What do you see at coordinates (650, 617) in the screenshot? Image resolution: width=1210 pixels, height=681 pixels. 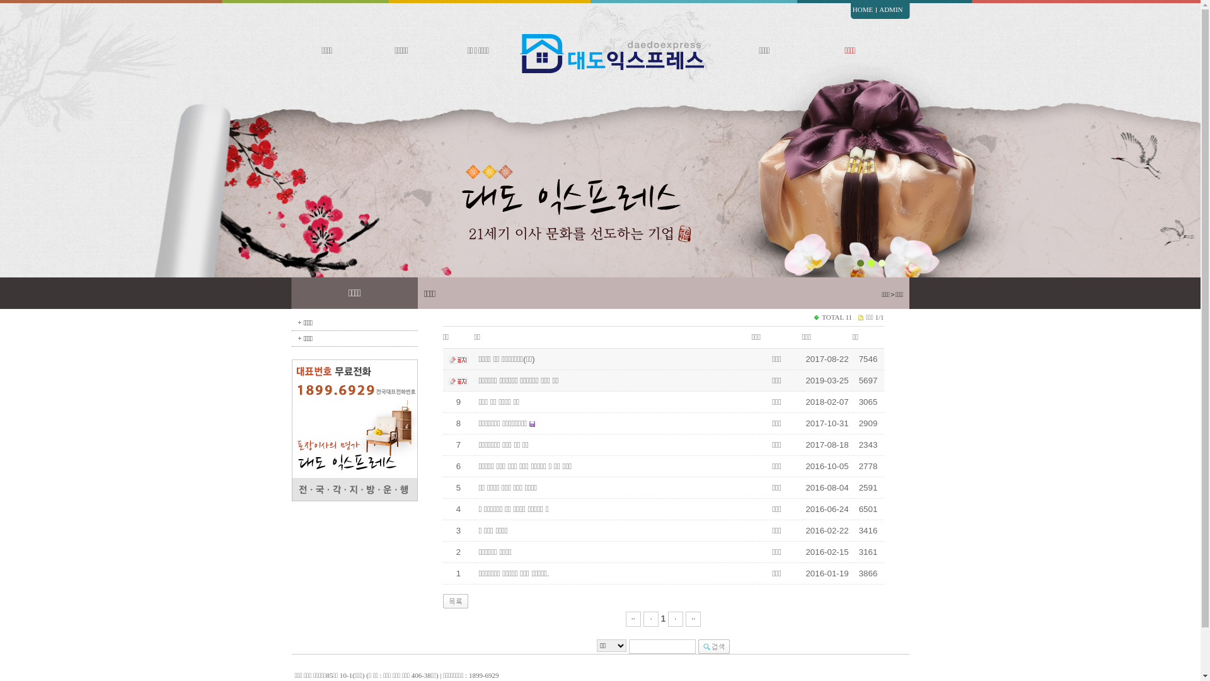 I see `'Go to the previous page'` at bounding box center [650, 617].